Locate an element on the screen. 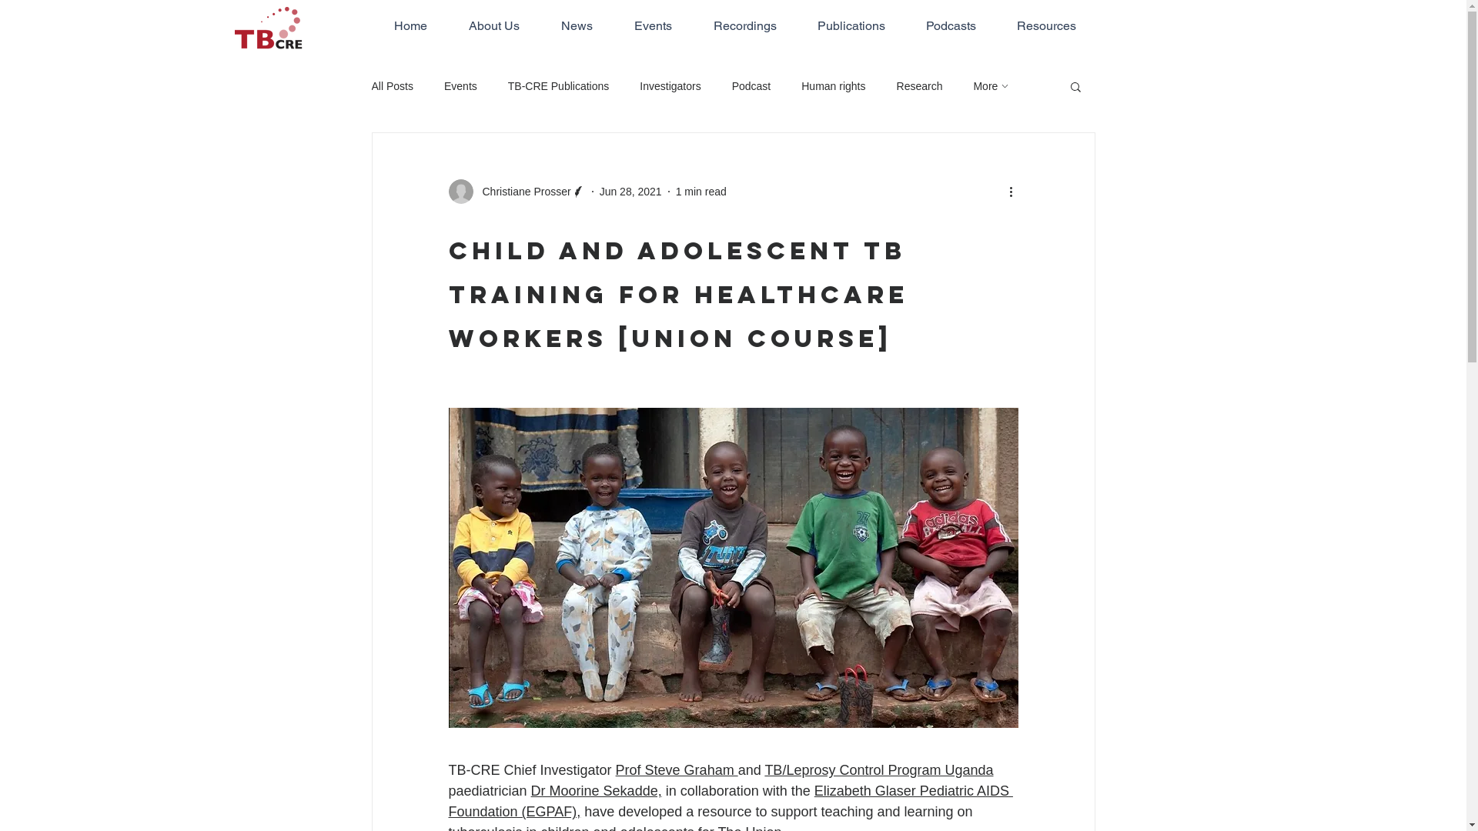 This screenshot has height=831, width=1478. 'Christiane Prosser' is located at coordinates (517, 191).